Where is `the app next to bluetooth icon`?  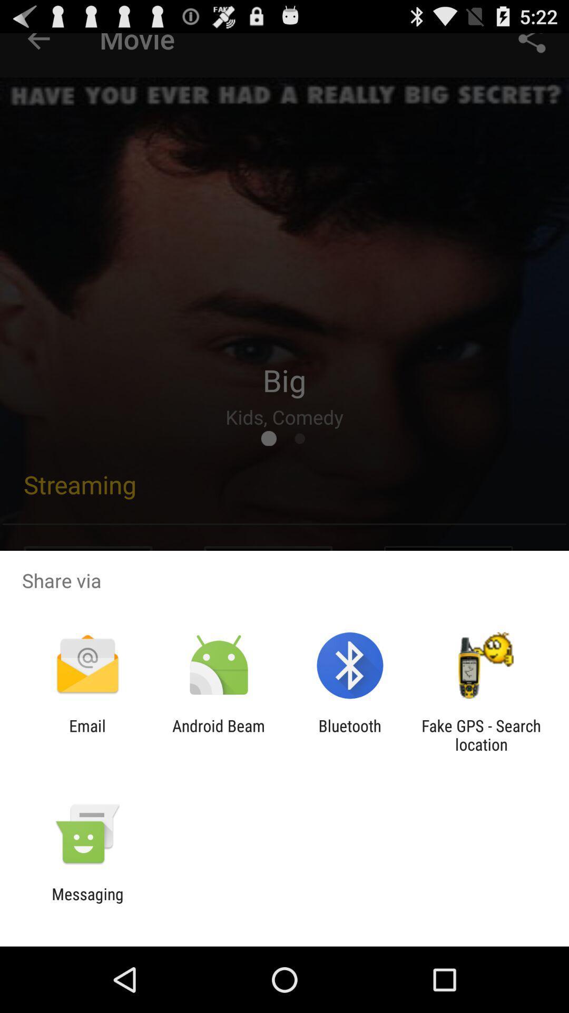
the app next to bluetooth icon is located at coordinates (481, 734).